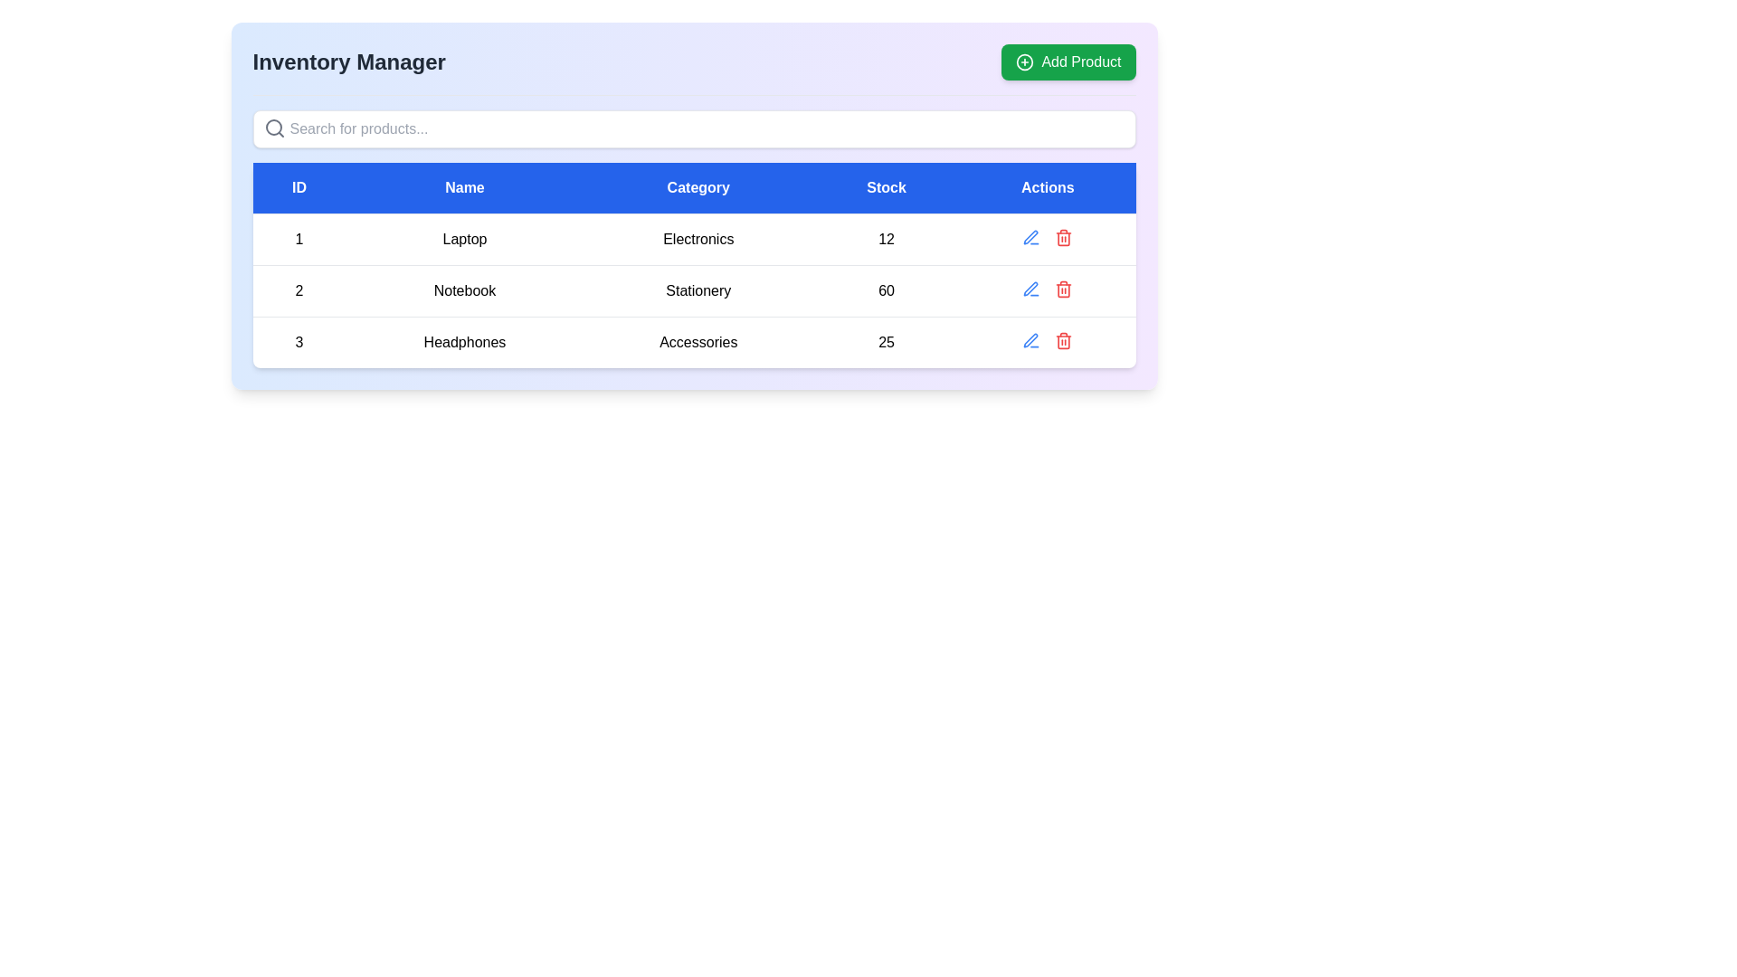 The width and height of the screenshot is (1737, 977). What do you see at coordinates (1064, 341) in the screenshot?
I see `the red trash icon button located in the third row under the 'Actions' column in the displayed table` at bounding box center [1064, 341].